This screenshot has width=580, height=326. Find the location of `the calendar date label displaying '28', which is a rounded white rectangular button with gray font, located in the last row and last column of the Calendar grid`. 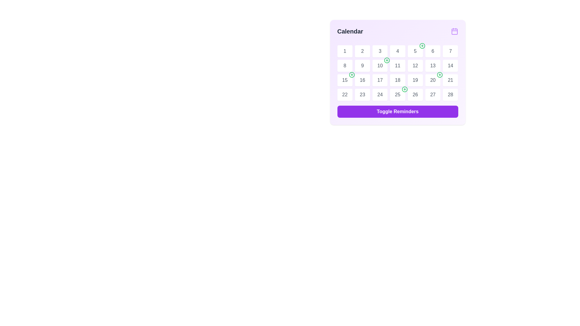

the calendar date label displaying '28', which is a rounded white rectangular button with gray font, located in the last row and last column of the Calendar grid is located at coordinates (450, 94).